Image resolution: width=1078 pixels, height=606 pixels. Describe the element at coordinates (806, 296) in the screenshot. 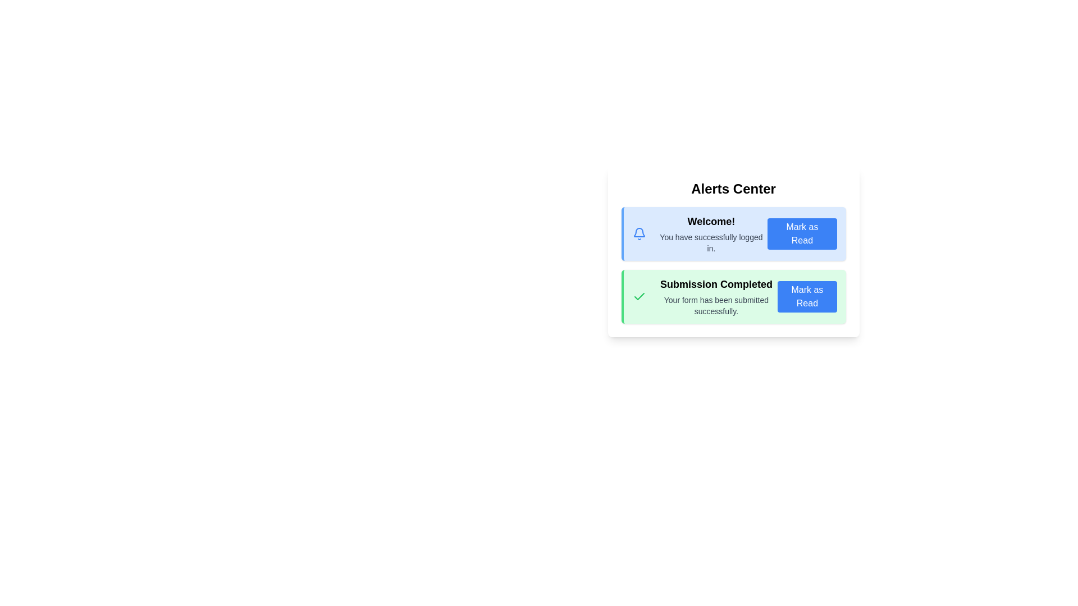

I see `the button located towards the right end inside the green-highlighted box that contains the text 'Submission Completed Your form has been submitted successfully.' to mark the alert as read` at that location.